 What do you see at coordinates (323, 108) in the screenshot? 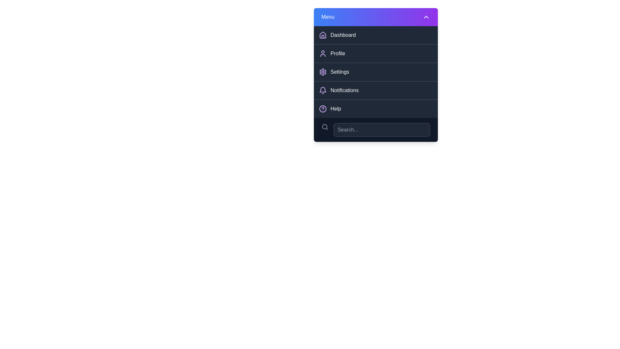
I see `the circular icon with a question mark symbol and a purple outline located in the fifth row of the menu list adjacent to the 'Help' text` at bounding box center [323, 108].